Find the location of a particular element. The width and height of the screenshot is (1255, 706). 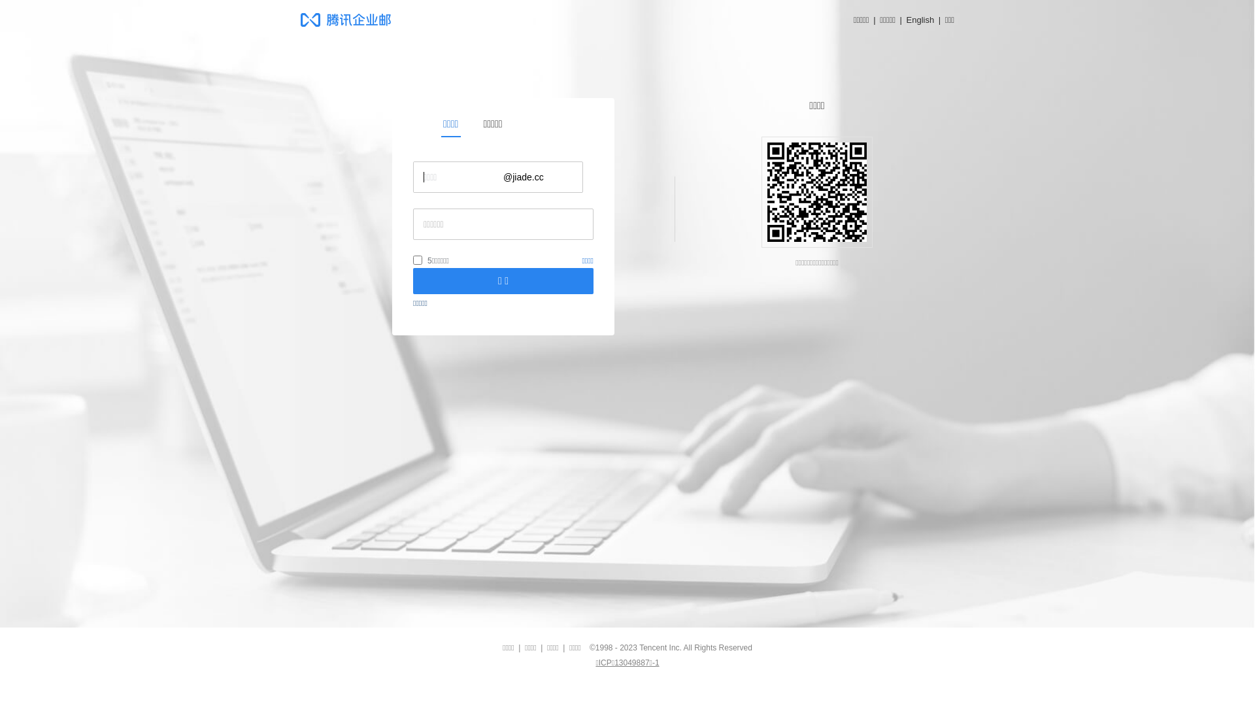

'English' is located at coordinates (919, 20).